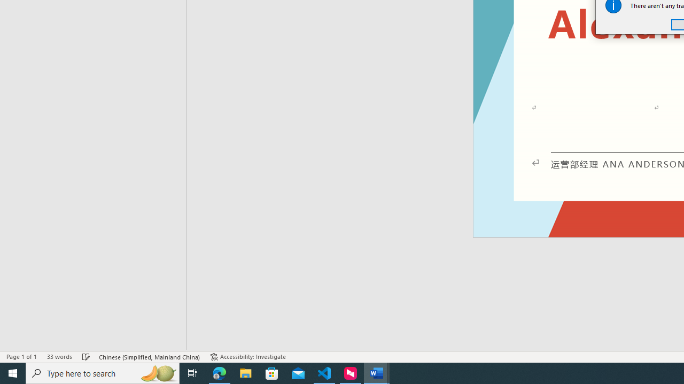 The image size is (684, 384). Describe the element at coordinates (157, 372) in the screenshot. I see `'Search highlights icon opens search home window'` at that location.